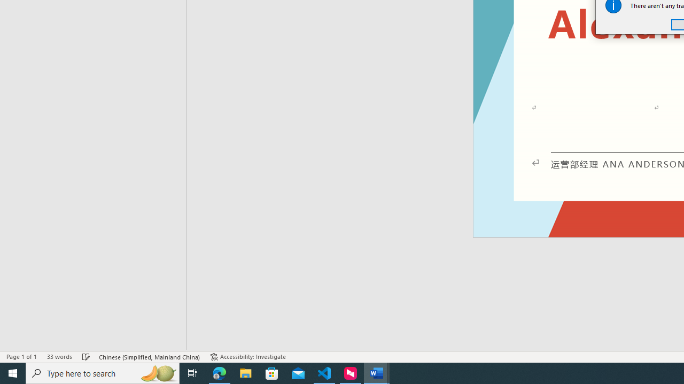 The image size is (684, 384). Describe the element at coordinates (157, 372) in the screenshot. I see `'Search highlights icon opens search home window'` at that location.